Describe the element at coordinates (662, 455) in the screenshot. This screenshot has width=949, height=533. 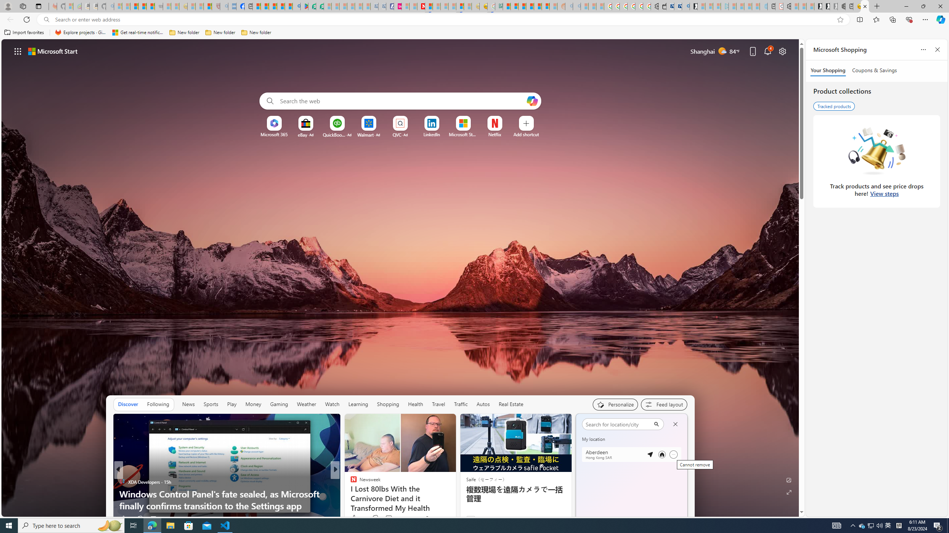
I see `'Set as your primary location'` at that location.